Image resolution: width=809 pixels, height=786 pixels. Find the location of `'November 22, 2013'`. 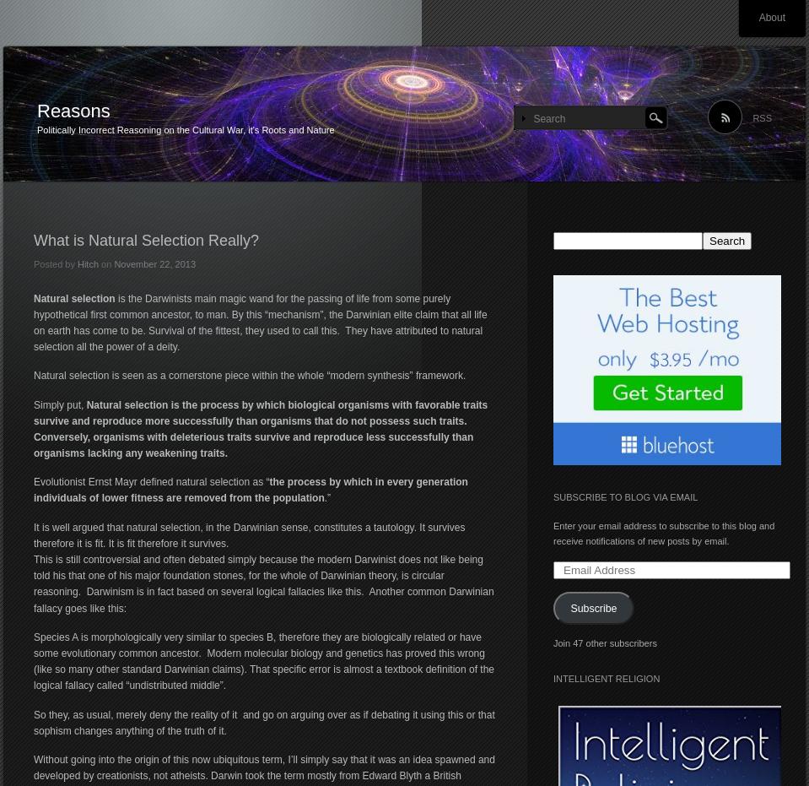

'November 22, 2013' is located at coordinates (154, 262).